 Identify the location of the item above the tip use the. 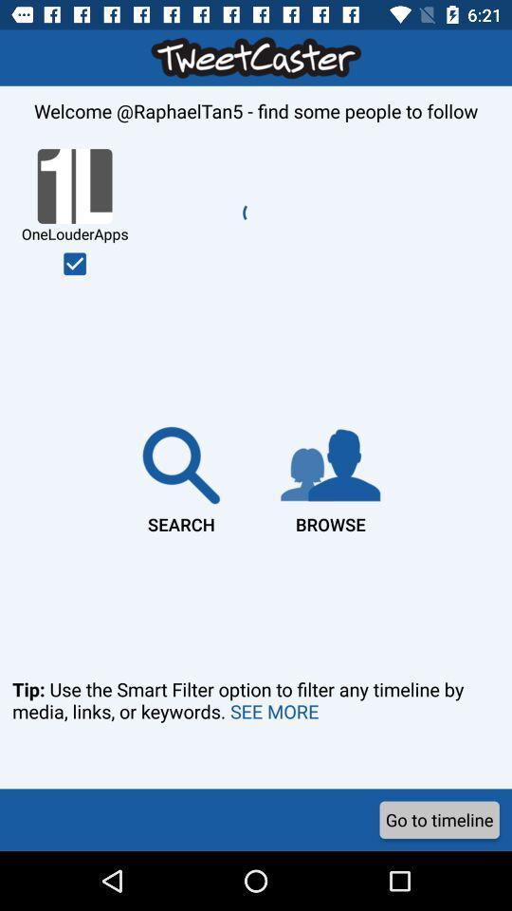
(329, 475).